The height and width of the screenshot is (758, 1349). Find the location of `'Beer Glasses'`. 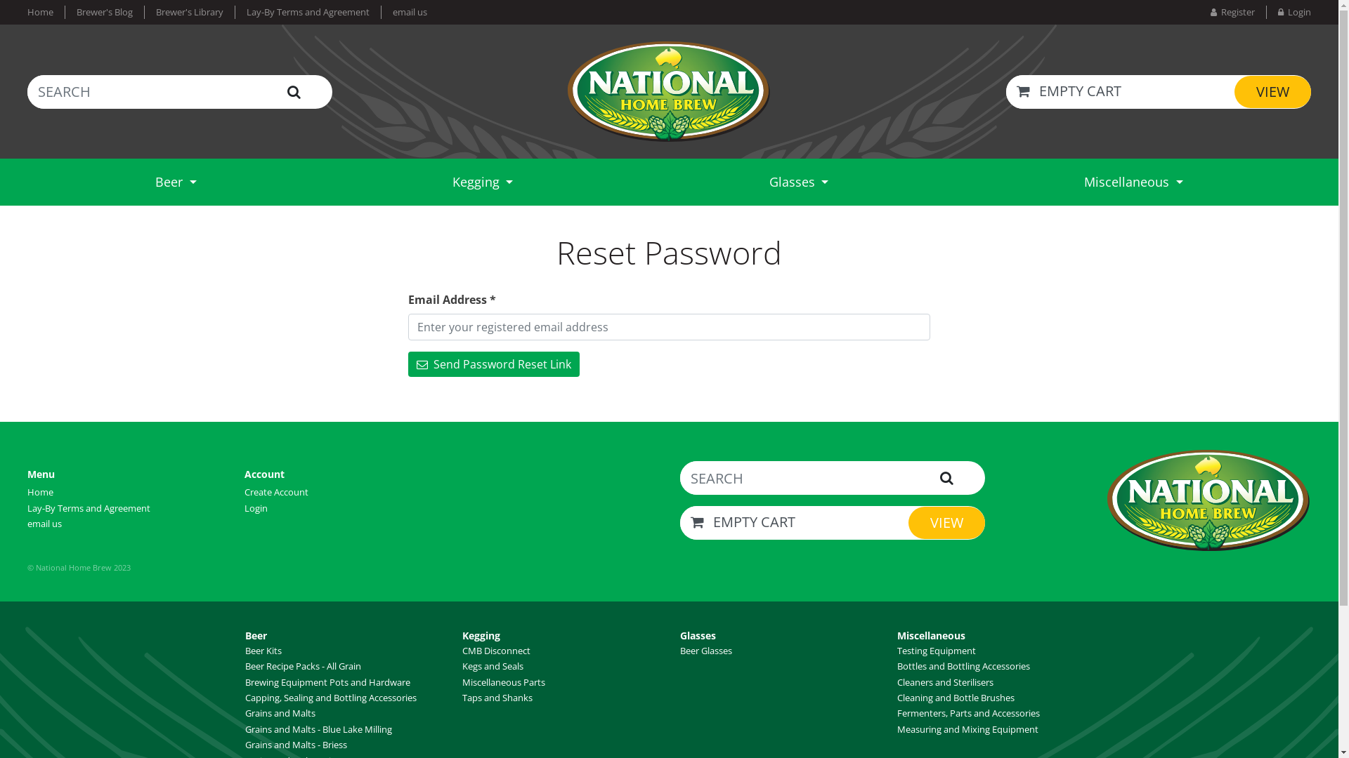

'Beer Glasses' is located at coordinates (705, 650).